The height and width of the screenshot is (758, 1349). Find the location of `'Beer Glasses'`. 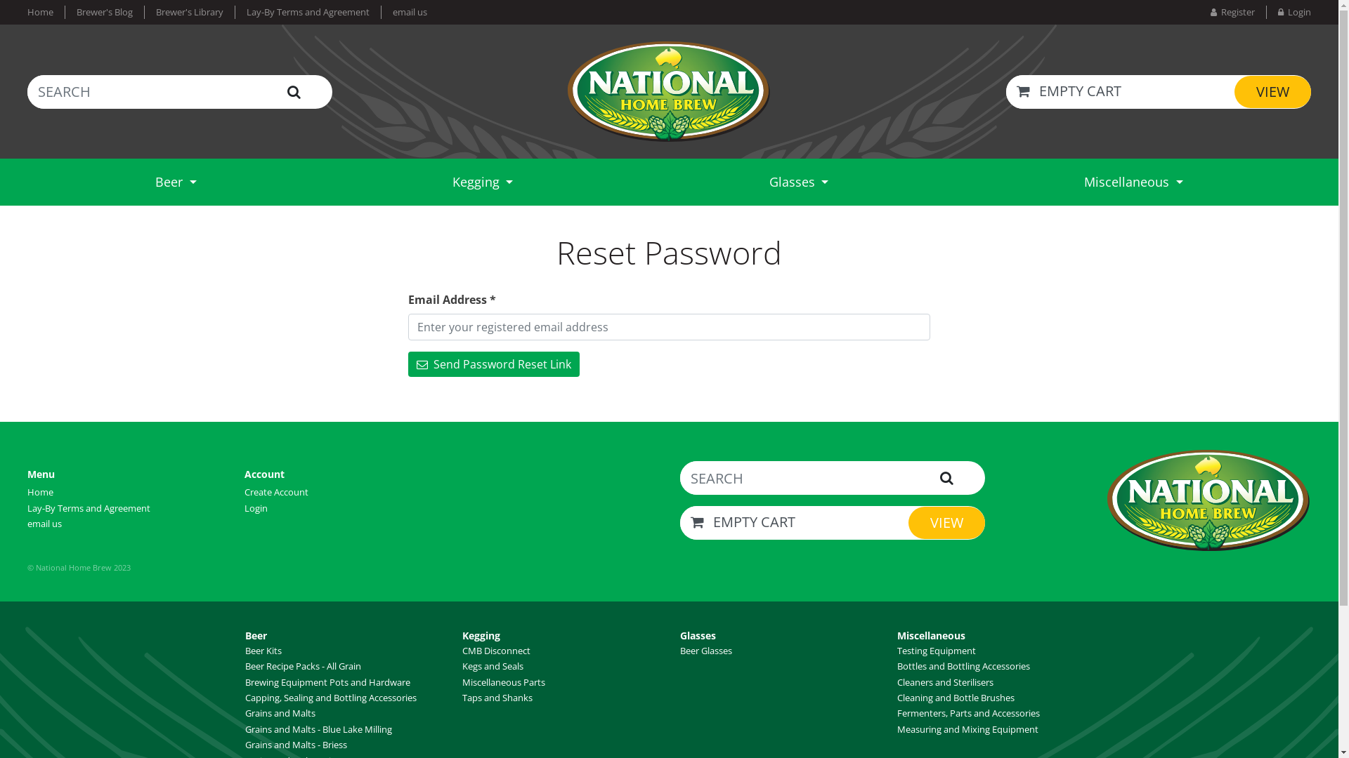

'Beer Glasses' is located at coordinates (705, 650).